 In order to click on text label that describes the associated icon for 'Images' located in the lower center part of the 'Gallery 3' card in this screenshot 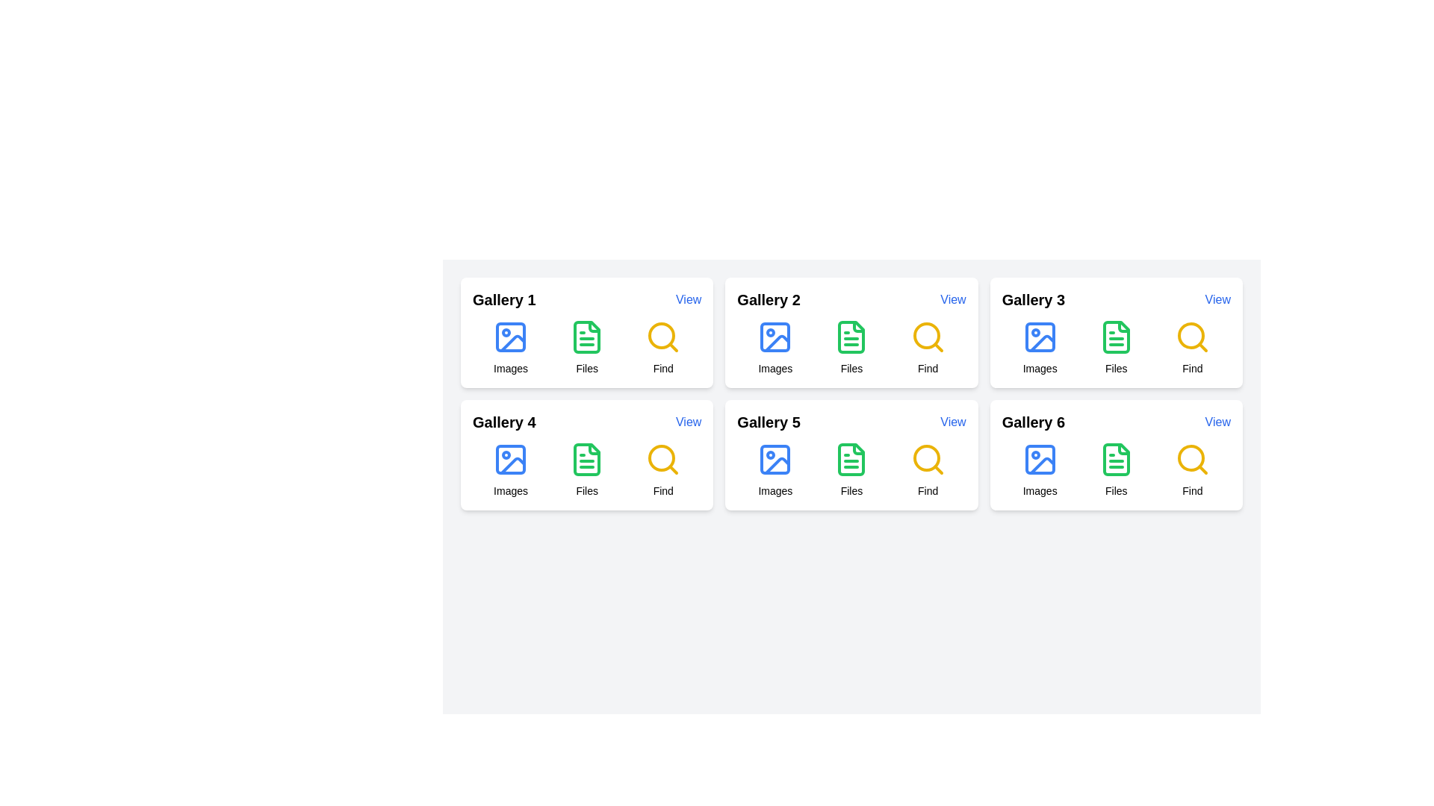, I will do `click(1039, 368)`.